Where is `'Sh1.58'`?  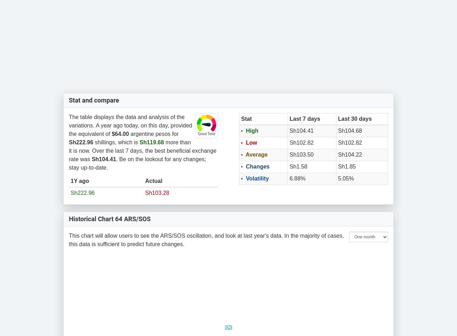
'Sh1.58' is located at coordinates (298, 166).